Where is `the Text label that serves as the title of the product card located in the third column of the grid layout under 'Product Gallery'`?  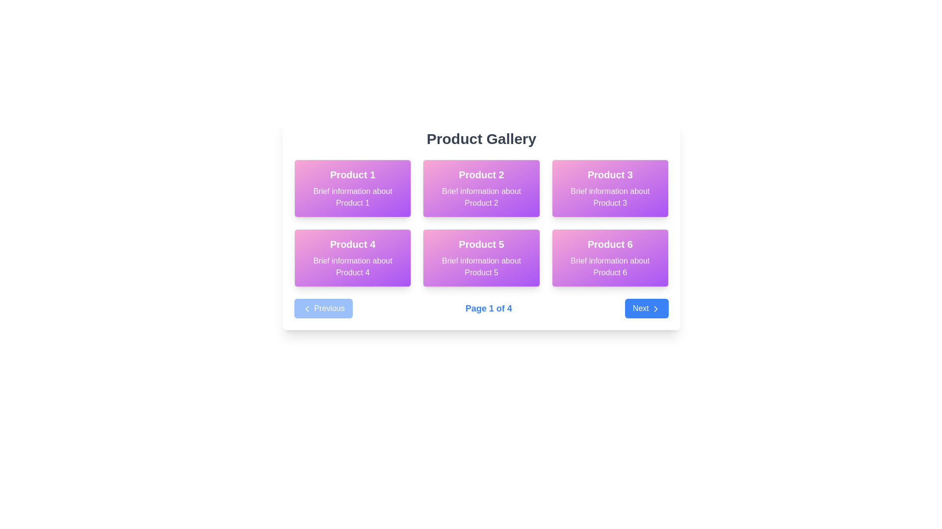
the Text label that serves as the title of the product card located in the third column of the grid layout under 'Product Gallery' is located at coordinates (609, 174).